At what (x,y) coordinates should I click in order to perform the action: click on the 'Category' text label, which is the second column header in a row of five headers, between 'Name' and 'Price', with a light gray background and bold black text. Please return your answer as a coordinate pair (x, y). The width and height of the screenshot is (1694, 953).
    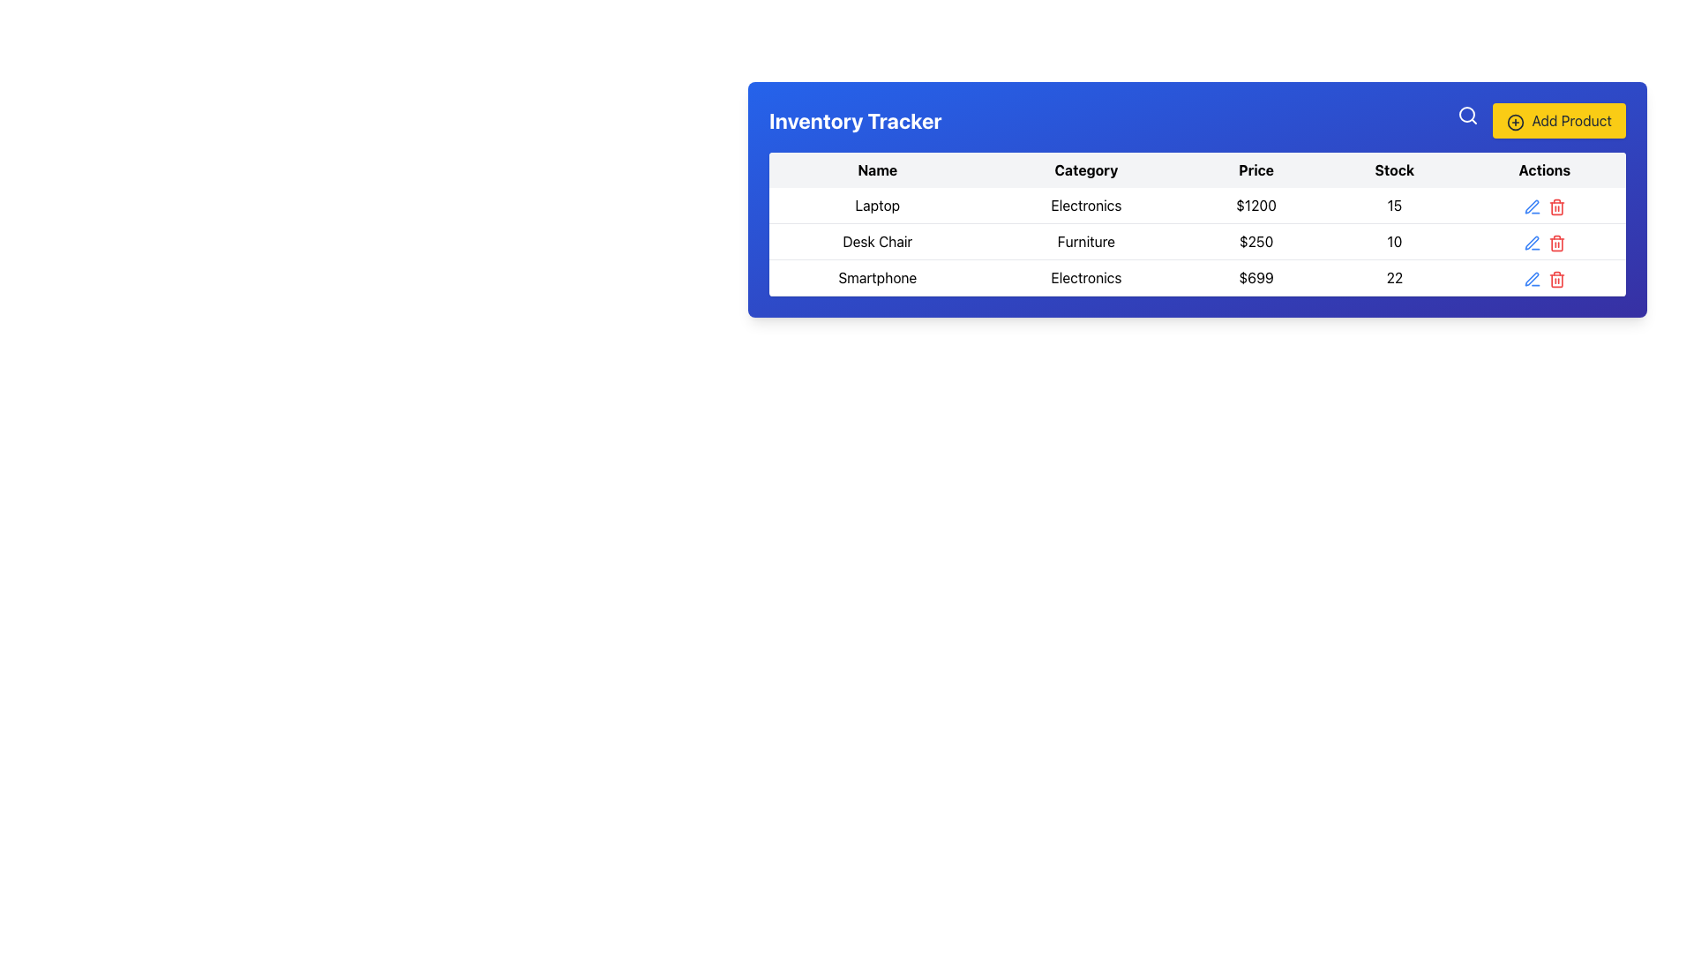
    Looking at the image, I should click on (1085, 169).